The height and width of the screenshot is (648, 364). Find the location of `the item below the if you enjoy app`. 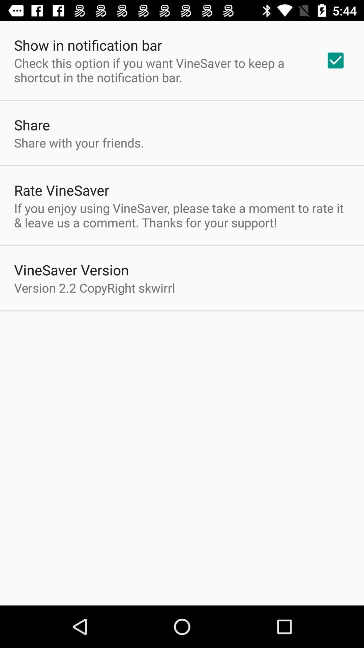

the item below the if you enjoy app is located at coordinates (71, 269).